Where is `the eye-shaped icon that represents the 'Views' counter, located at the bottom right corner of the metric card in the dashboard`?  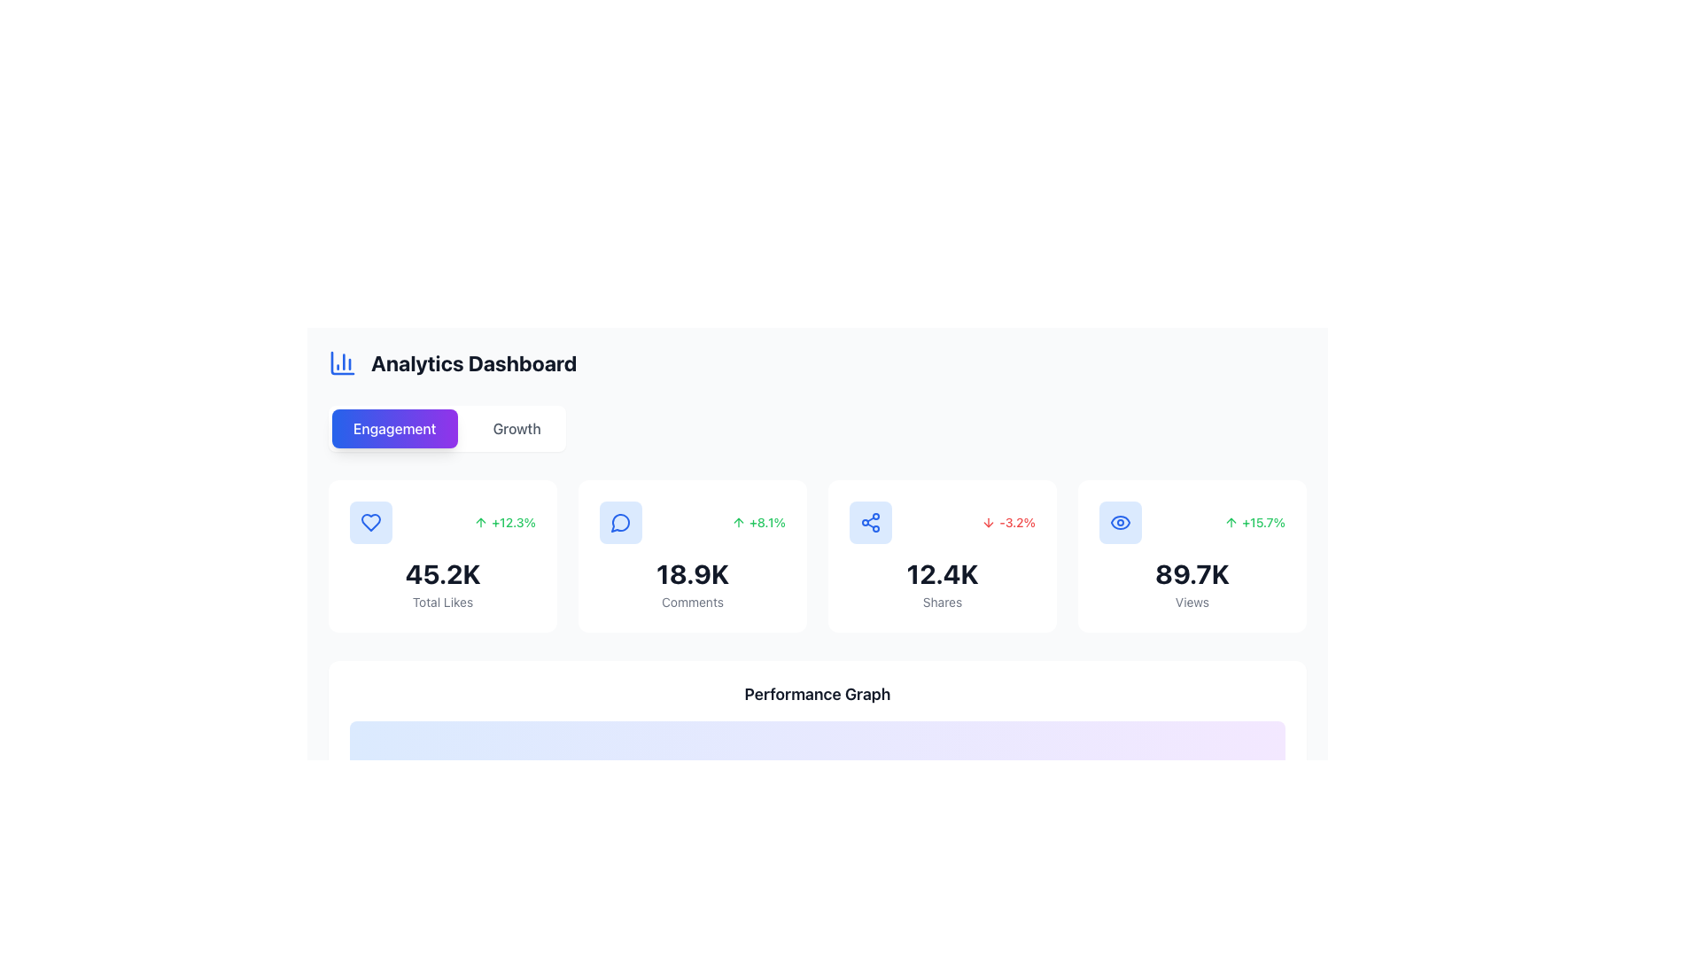
the eye-shaped icon that represents the 'Views' counter, located at the bottom right corner of the metric card in the dashboard is located at coordinates (1120, 522).